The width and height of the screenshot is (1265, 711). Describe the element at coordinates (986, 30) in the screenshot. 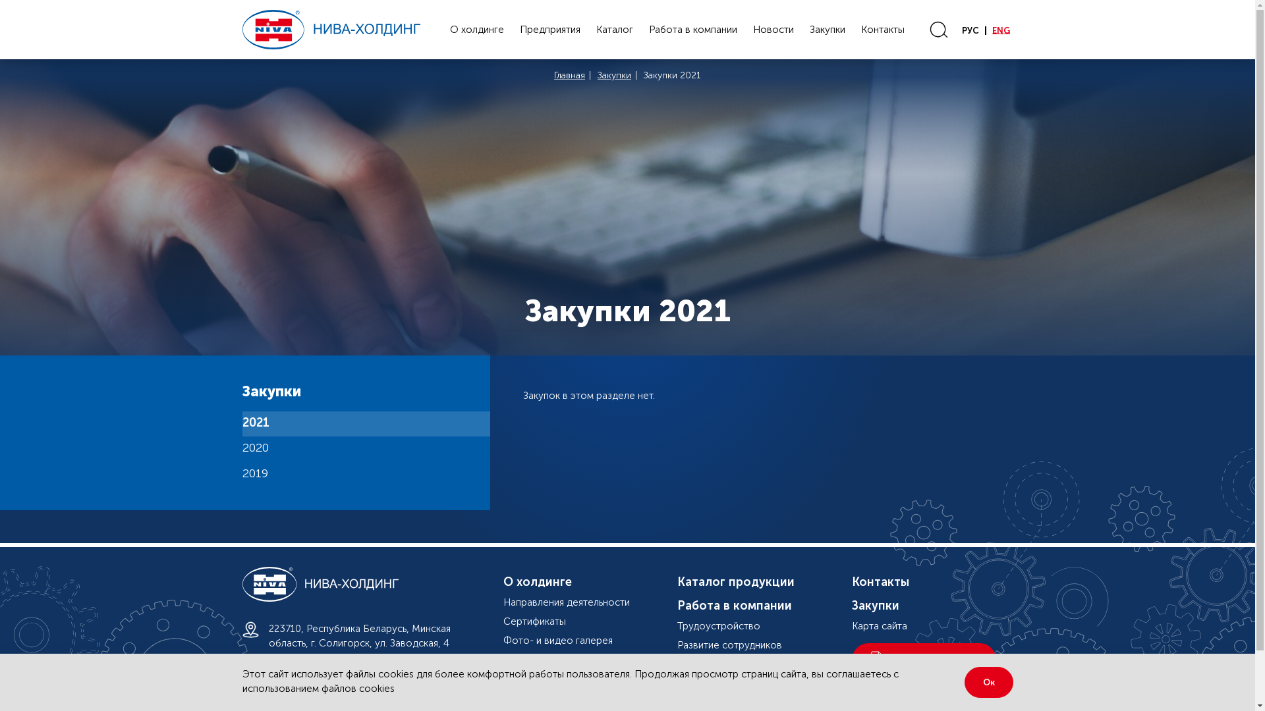

I see `'ENG'` at that location.